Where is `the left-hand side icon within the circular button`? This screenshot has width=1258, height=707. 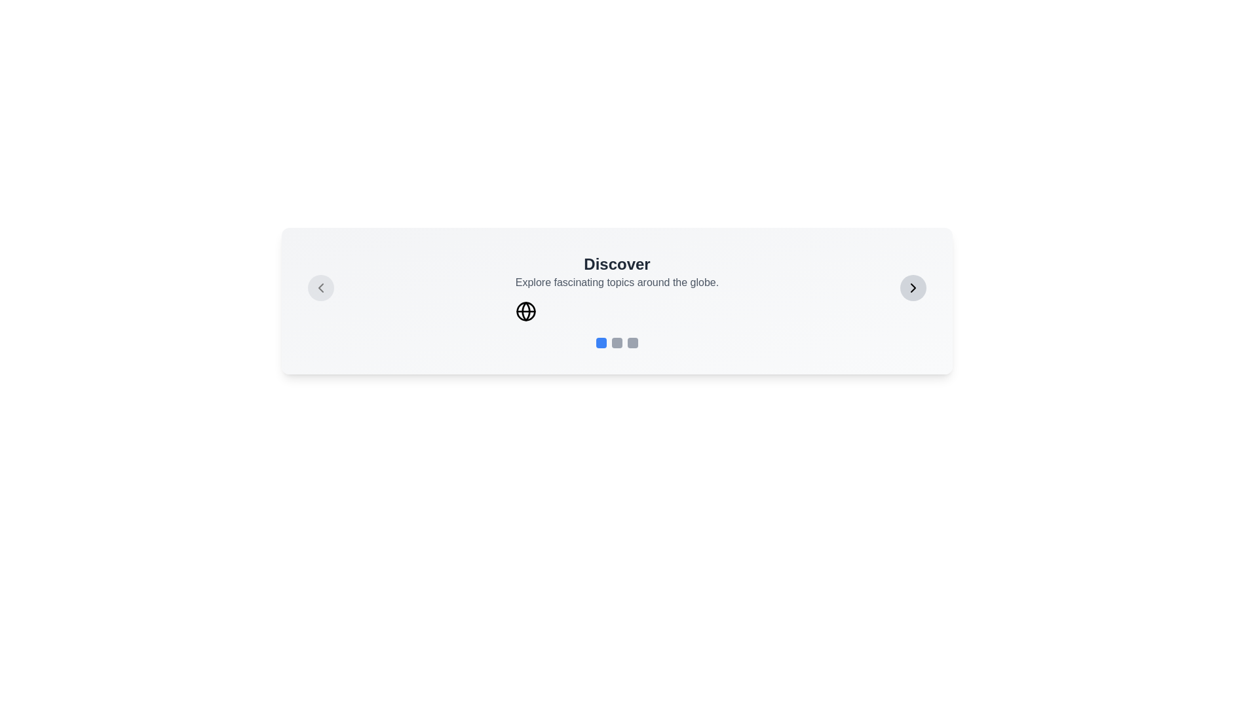
the left-hand side icon within the circular button is located at coordinates (320, 287).